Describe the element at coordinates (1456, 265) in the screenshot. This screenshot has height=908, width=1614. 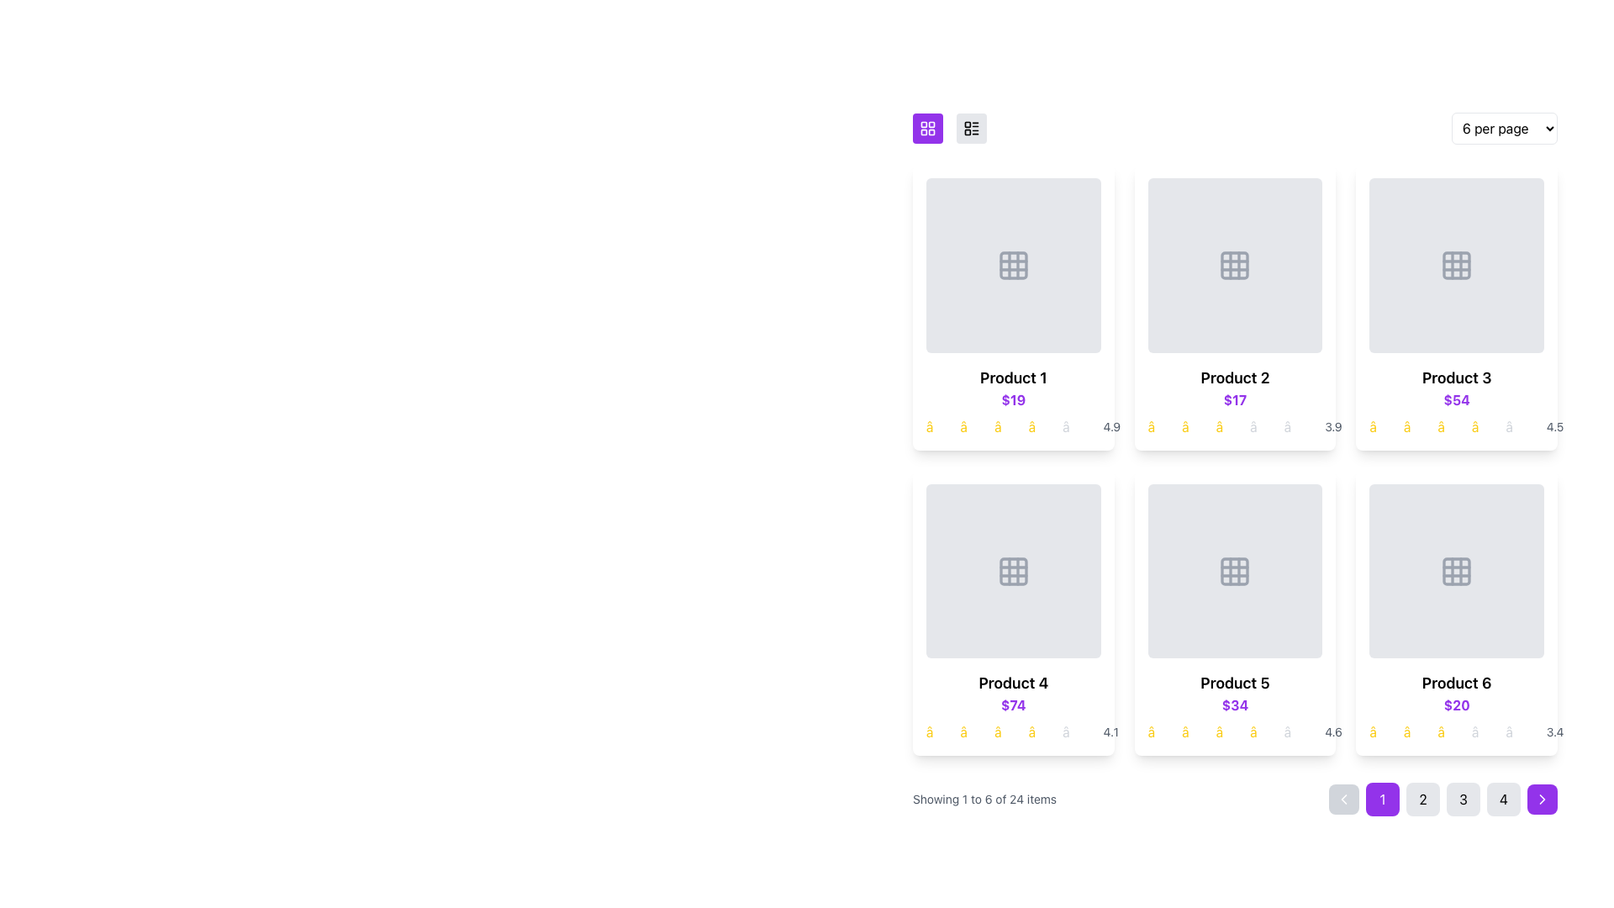
I see `the central rectangle located within the 3x3 grid icon of the Product 3 card` at that location.